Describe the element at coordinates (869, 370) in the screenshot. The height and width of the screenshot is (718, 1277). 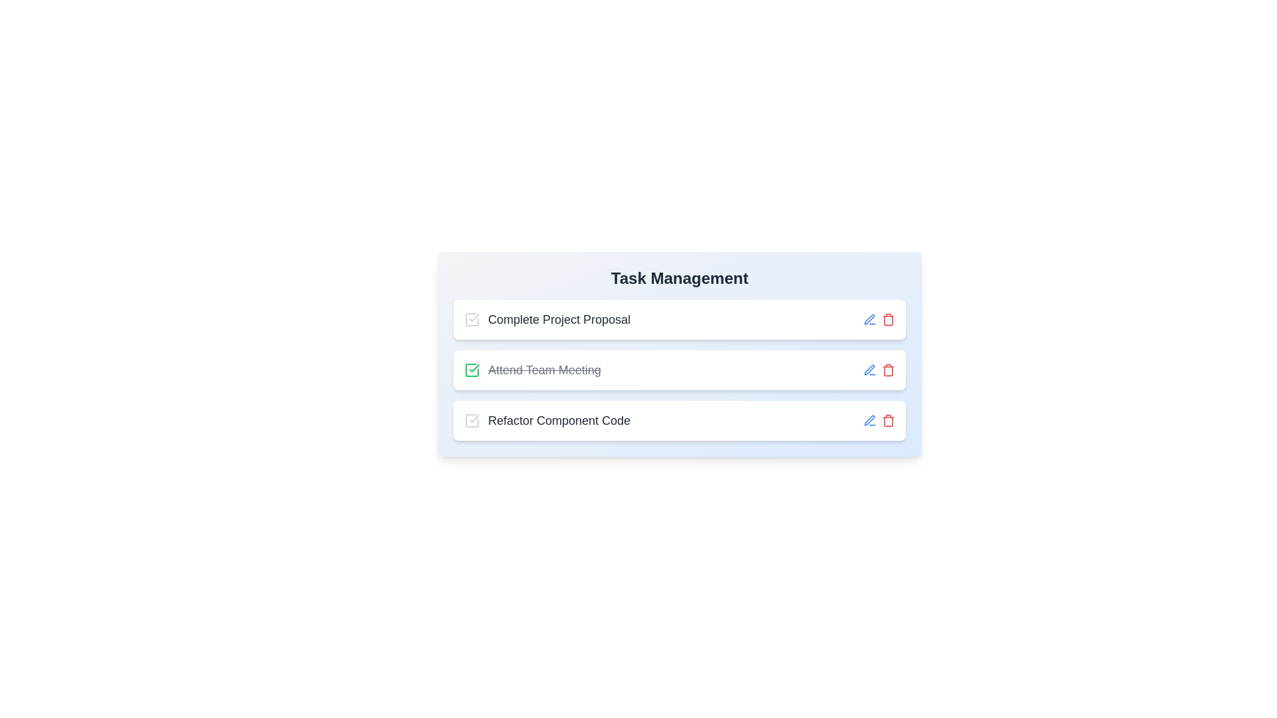
I see `the edit icon component located at the top of the editing column in the task management interface` at that location.